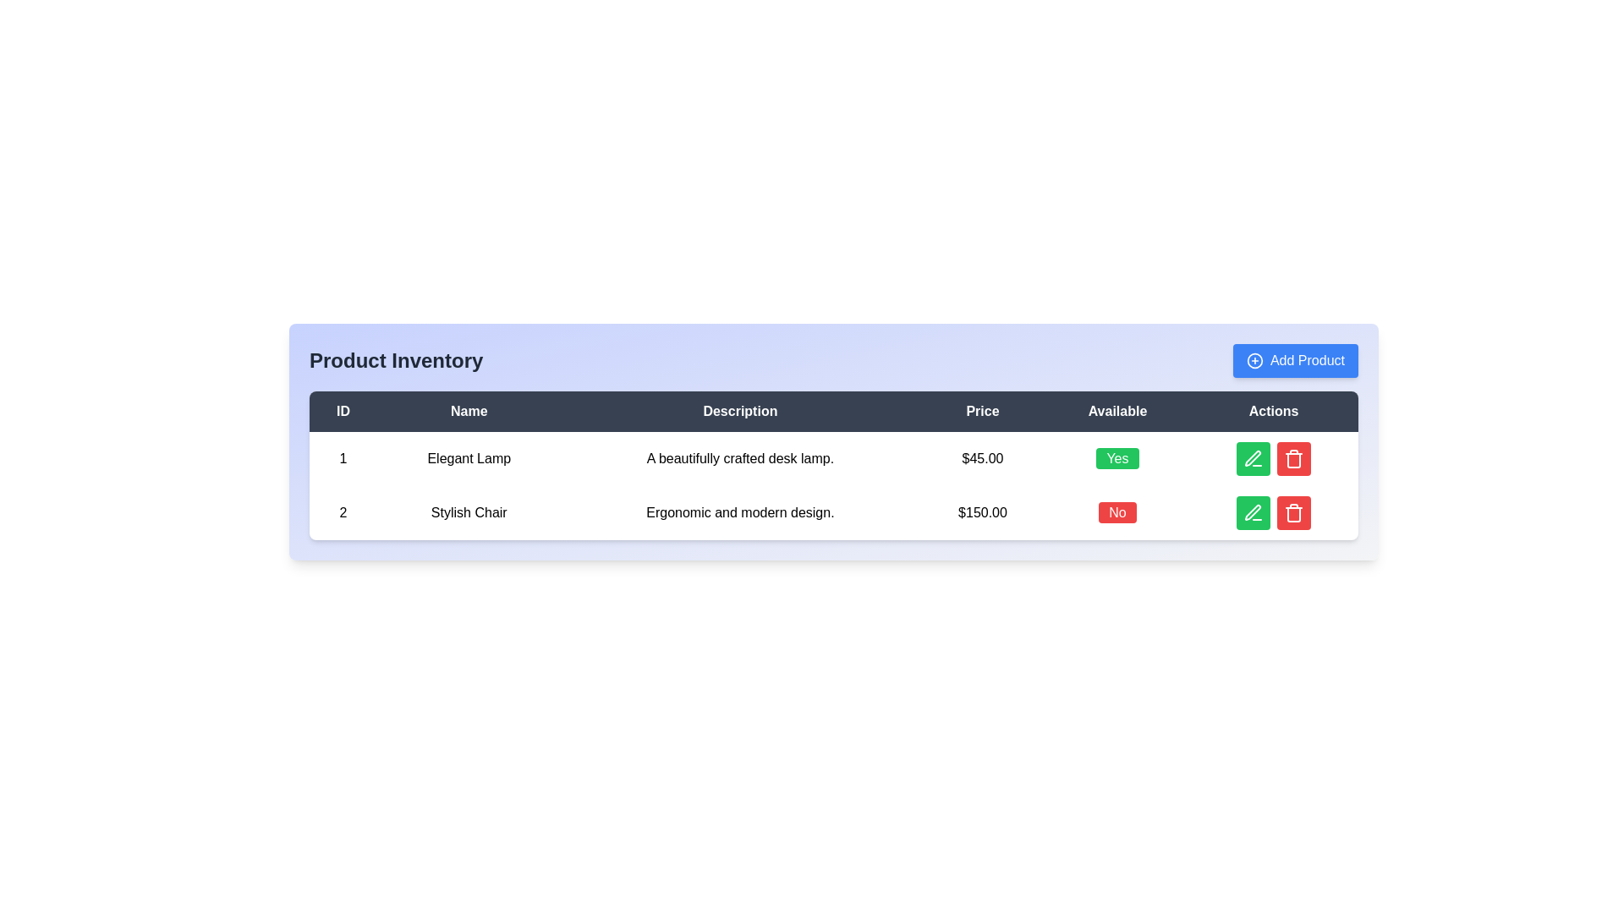  Describe the element at coordinates (740, 511) in the screenshot. I see `the text element displaying 'Ergonomic and modern design.' in the description column of the second row of the table, associated with the product 'Stylish Chair'` at that location.